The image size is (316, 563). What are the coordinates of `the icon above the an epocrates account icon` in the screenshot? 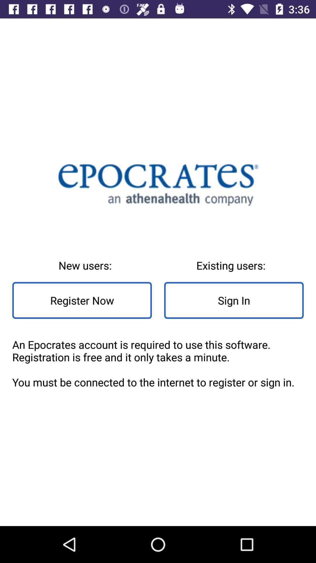 It's located at (82, 300).